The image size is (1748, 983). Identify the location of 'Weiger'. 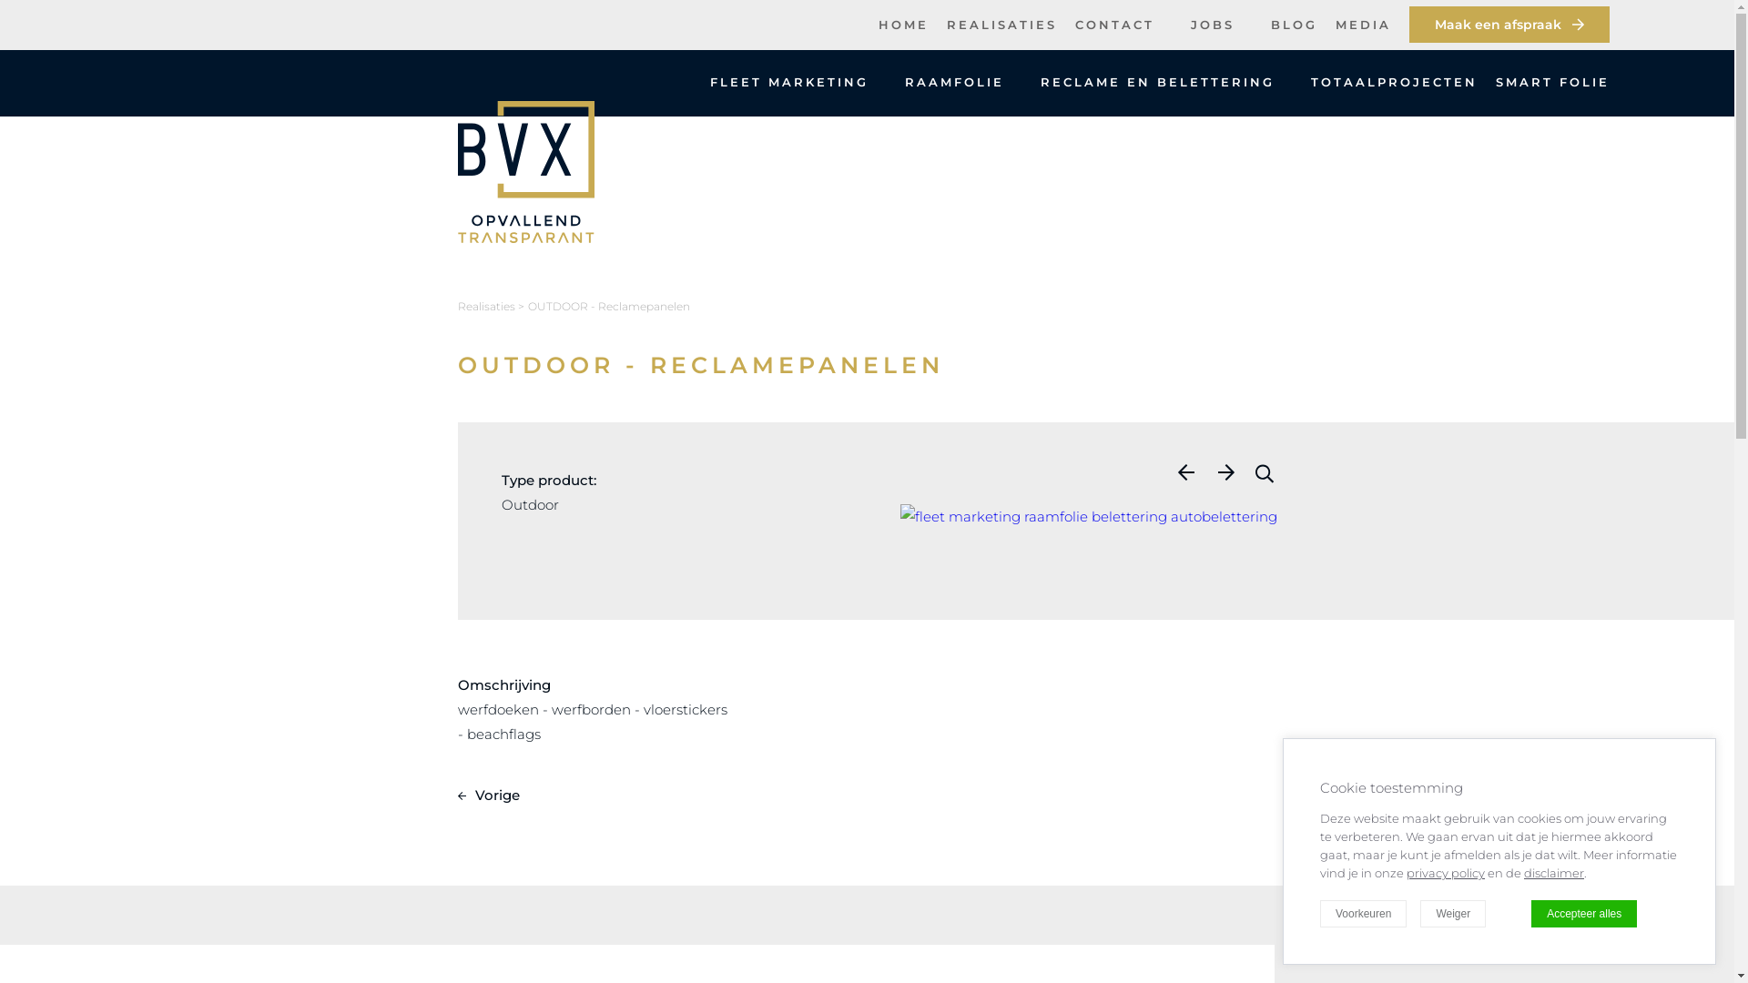
(1419, 913).